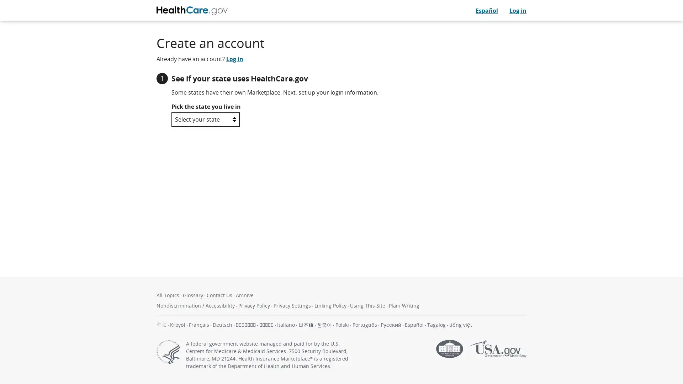 The height and width of the screenshot is (384, 683). Describe the element at coordinates (293, 305) in the screenshot. I see `Privacy Settings` at that location.